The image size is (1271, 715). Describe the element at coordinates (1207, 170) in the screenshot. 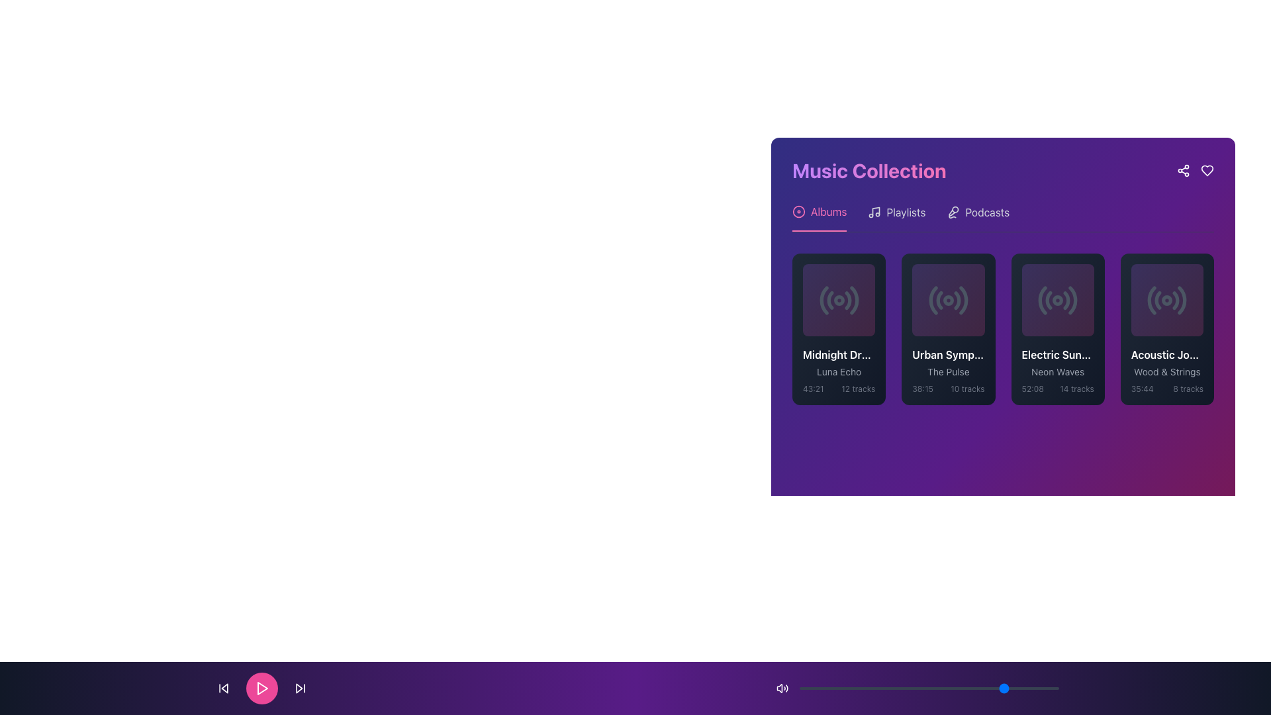

I see `the heart-shaped icon in the top-right corner of the 'Music Collection' panel` at that location.